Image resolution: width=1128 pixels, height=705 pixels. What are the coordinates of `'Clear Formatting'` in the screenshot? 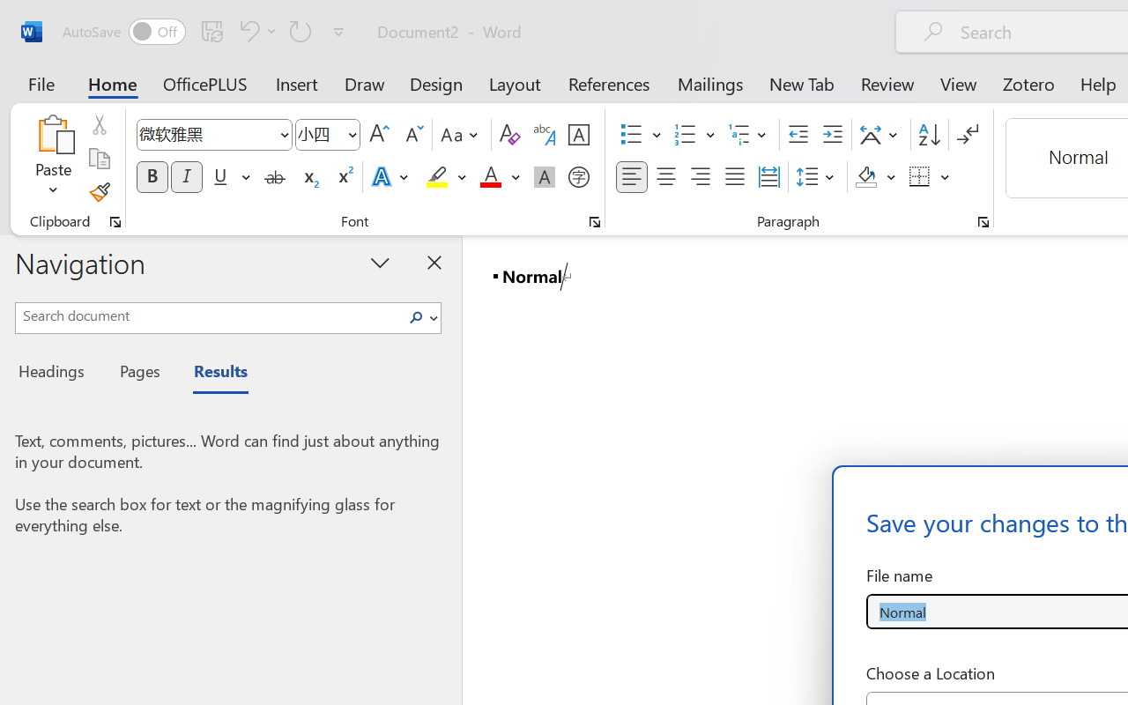 It's located at (508, 135).